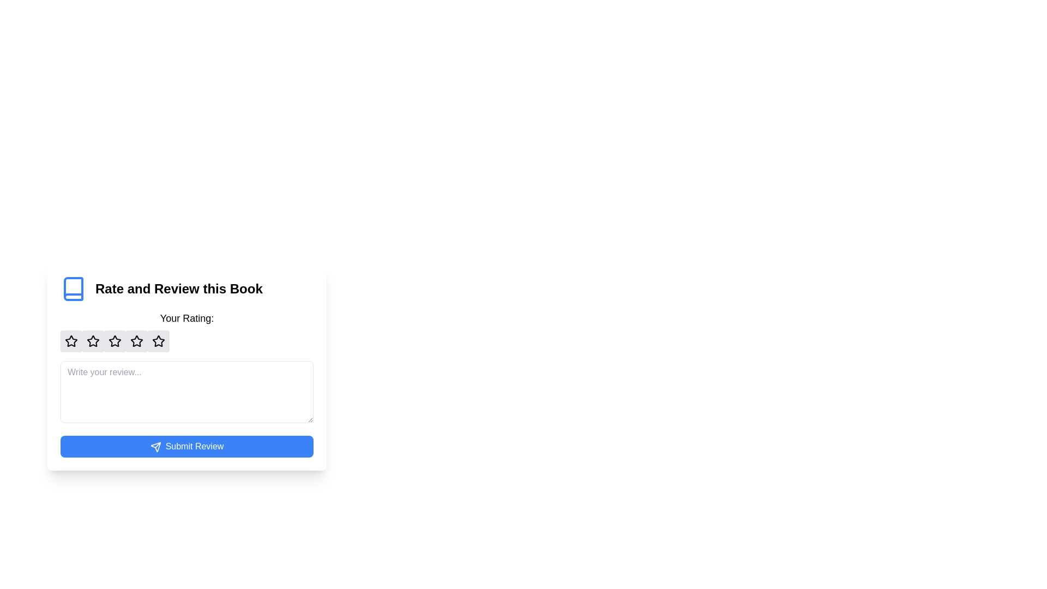 This screenshot has width=1047, height=589. I want to click on the first star-shaped rating icon button with a light gray background and a black outlined star icon, located in the modal titled 'Rate and Review this Book', so click(70, 340).